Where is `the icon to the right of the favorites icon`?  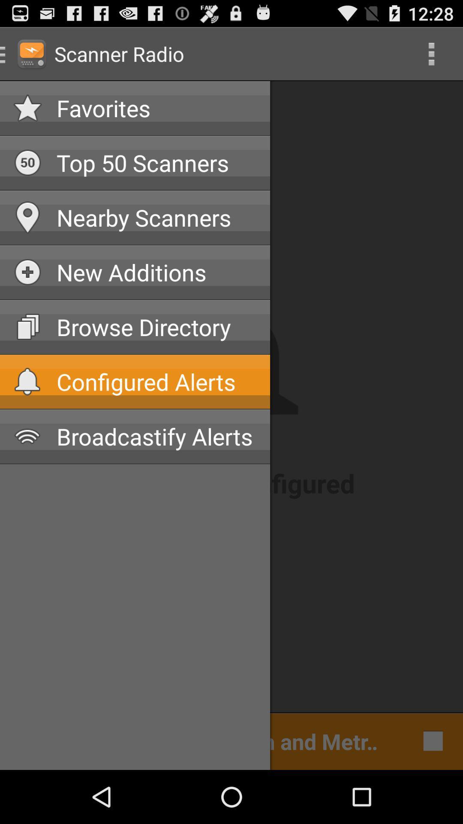
the icon to the right of the favorites icon is located at coordinates (431, 53).